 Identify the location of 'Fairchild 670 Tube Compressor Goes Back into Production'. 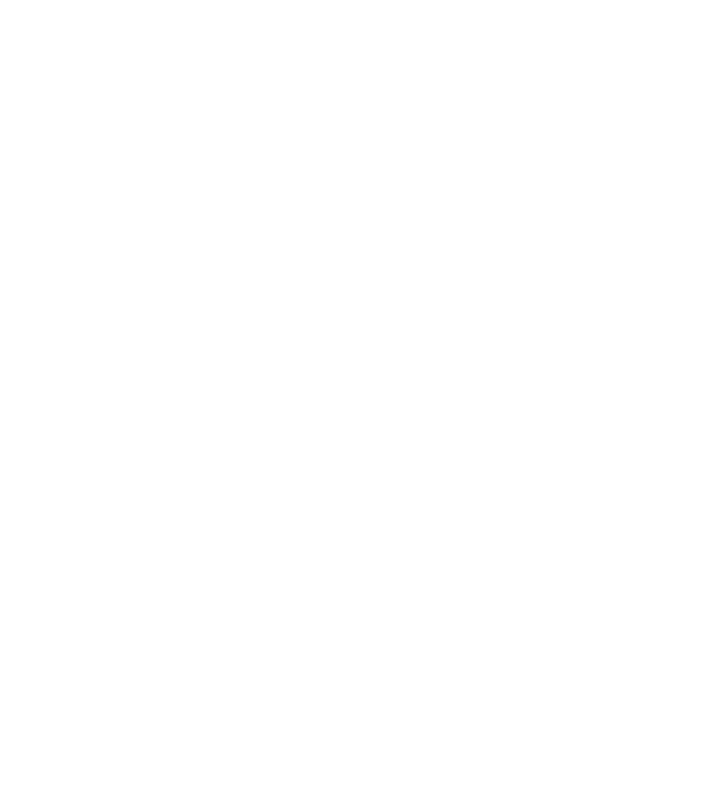
(302, 689).